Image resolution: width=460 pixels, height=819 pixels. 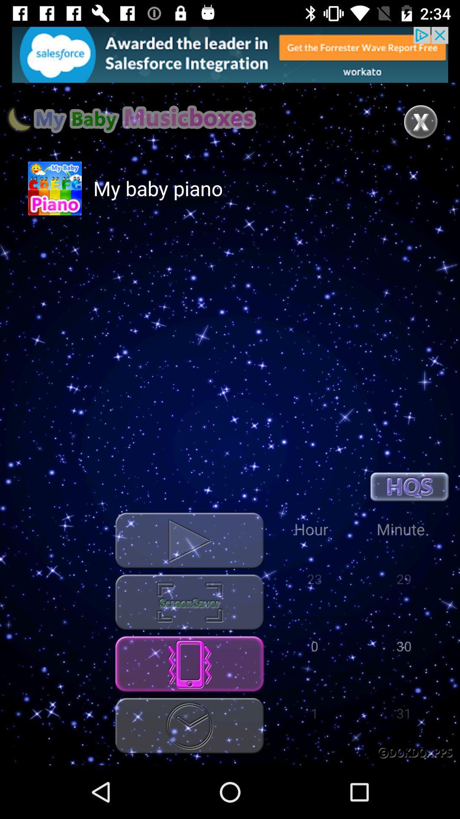 I want to click on the settings icon, so click(x=189, y=602).